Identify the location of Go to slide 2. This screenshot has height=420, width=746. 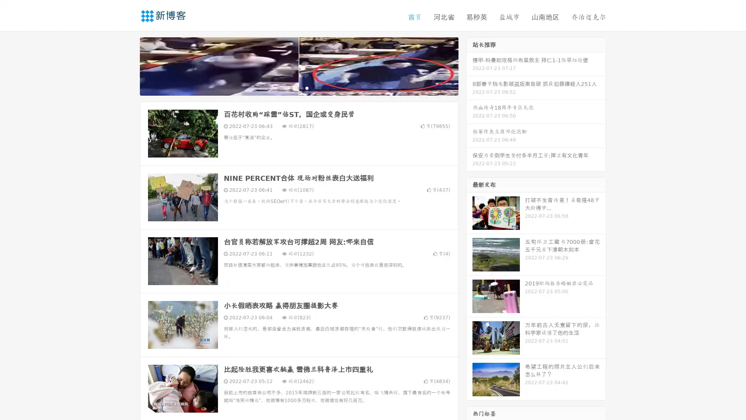
(298, 87).